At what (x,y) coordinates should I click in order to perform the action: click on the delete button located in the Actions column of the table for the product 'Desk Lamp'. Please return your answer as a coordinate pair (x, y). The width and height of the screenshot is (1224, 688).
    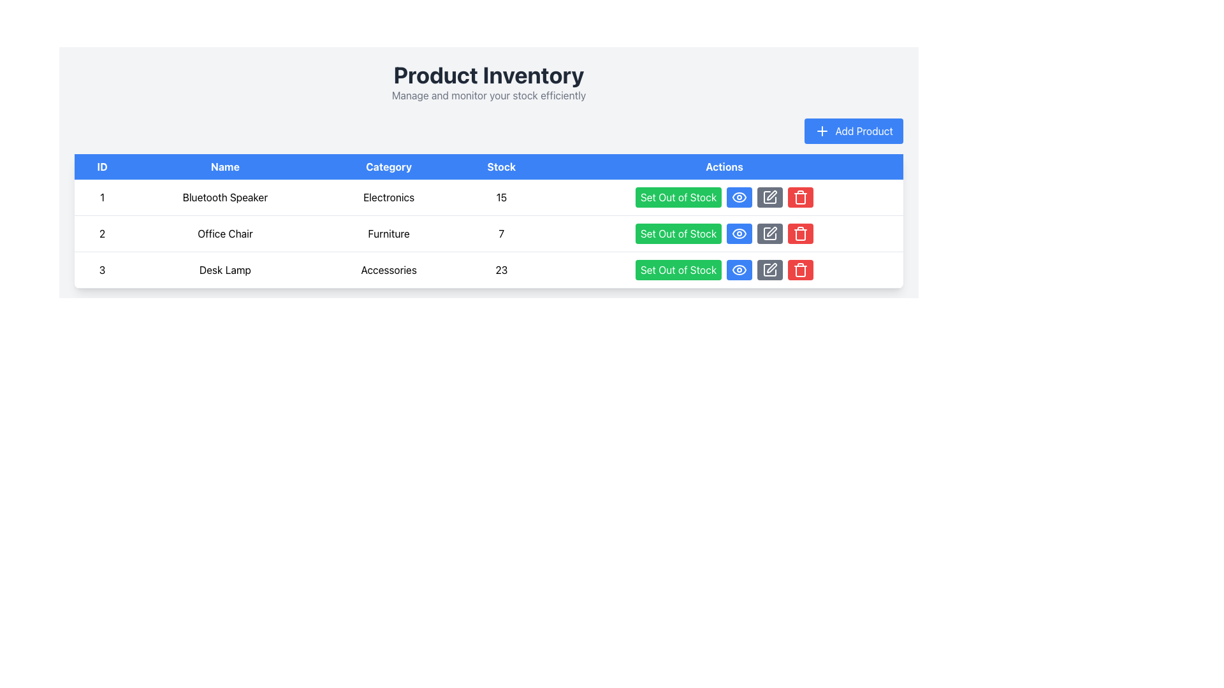
    Looking at the image, I should click on (800, 233).